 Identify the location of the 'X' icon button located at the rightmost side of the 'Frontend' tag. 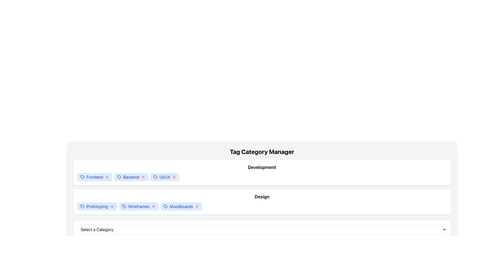
(107, 177).